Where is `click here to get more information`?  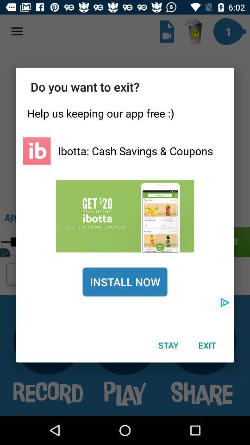
click here to get more information is located at coordinates (125, 216).